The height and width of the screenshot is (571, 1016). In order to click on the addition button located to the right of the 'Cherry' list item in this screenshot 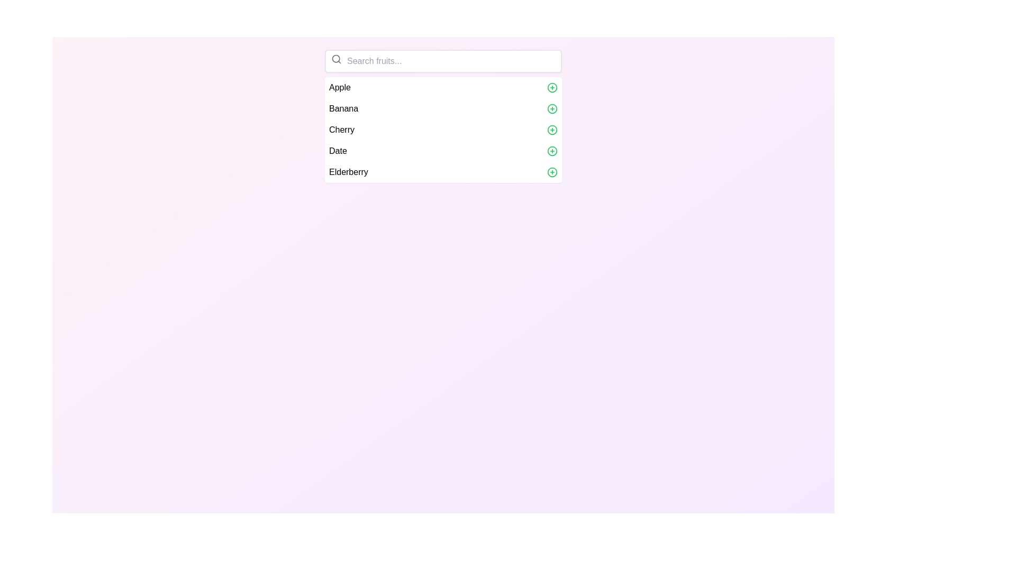, I will do `click(551, 130)`.